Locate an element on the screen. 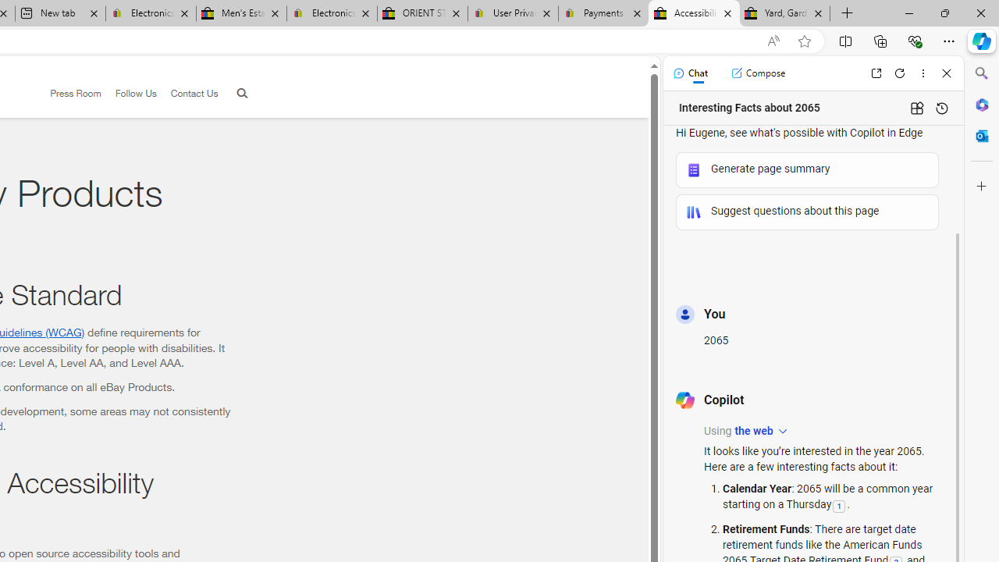 The width and height of the screenshot is (999, 562). 'Contact Us' is located at coordinates (187, 94).